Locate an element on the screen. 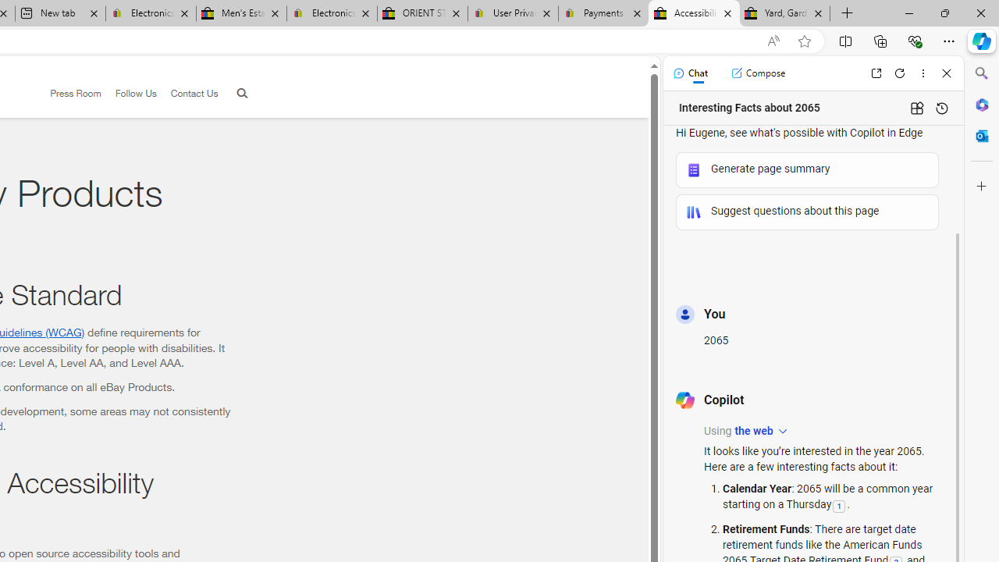 The width and height of the screenshot is (999, 562). 'Contact Us' is located at coordinates (187, 94).